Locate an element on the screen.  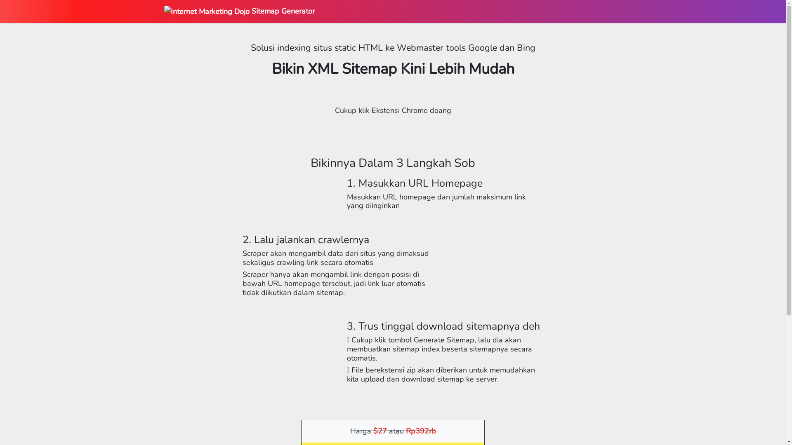
'Sitemap Generator' is located at coordinates (239, 11).